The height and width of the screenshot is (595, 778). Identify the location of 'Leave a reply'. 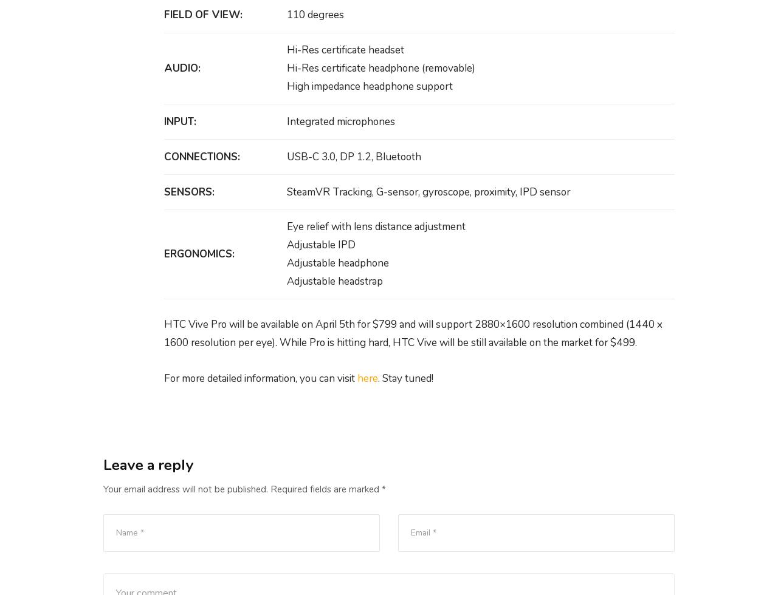
(148, 464).